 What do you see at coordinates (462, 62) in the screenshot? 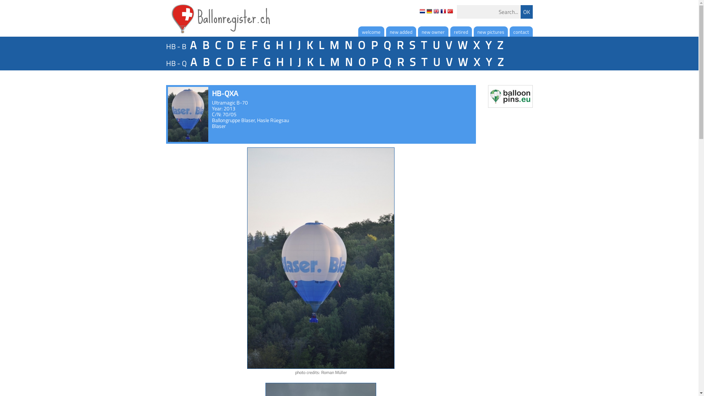
I see `'W'` at bounding box center [462, 62].